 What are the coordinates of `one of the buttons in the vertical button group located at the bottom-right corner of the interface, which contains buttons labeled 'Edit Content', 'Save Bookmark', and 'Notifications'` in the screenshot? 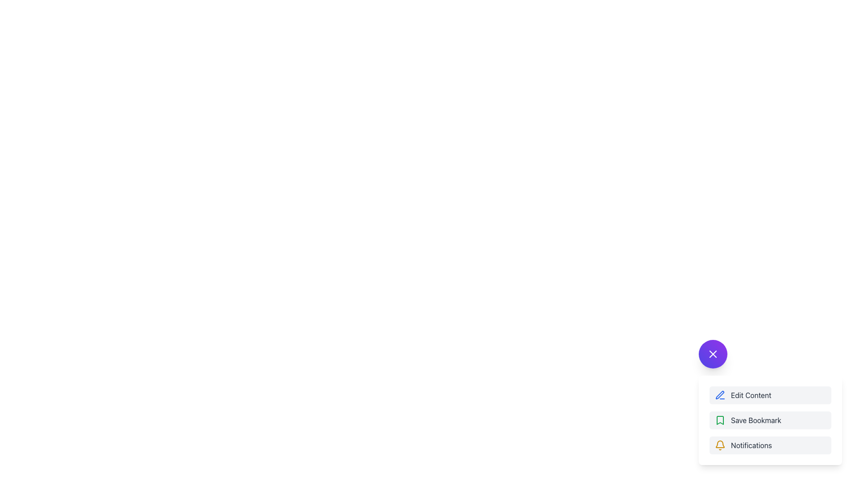 It's located at (770, 420).